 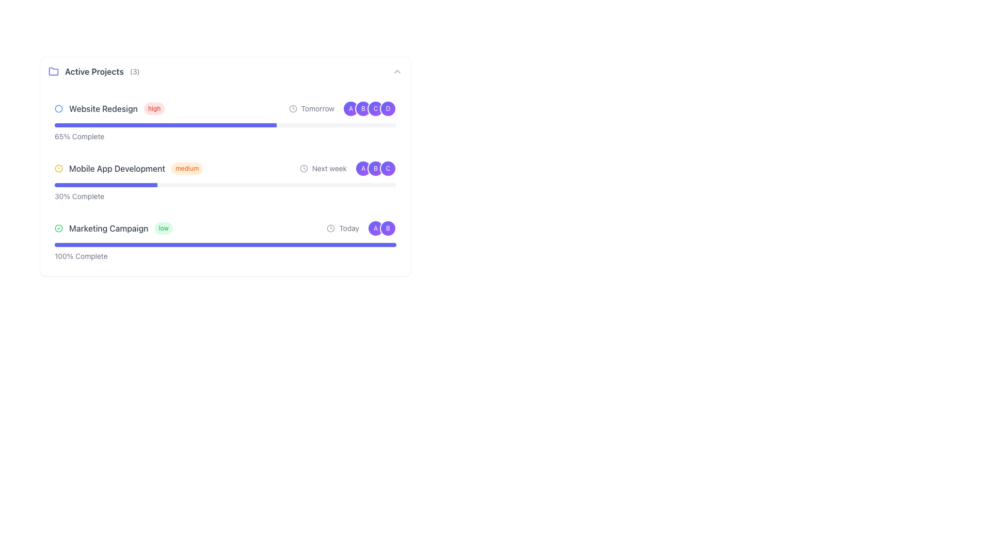 What do you see at coordinates (58, 168) in the screenshot?
I see `the circular element with a yellow border, which is part of the warning icon located to the left of the 'Mobile App Development' title` at bounding box center [58, 168].